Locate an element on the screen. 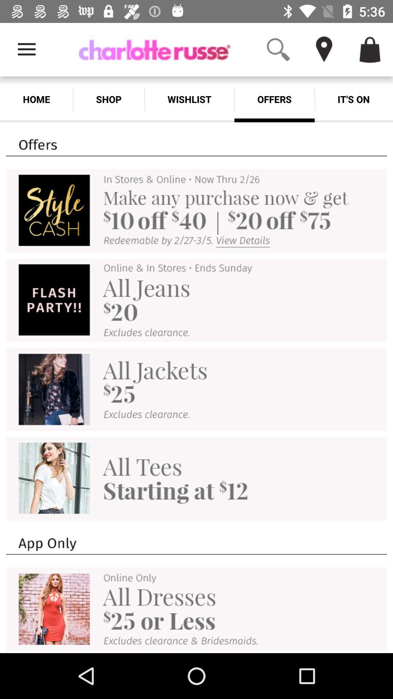 The height and width of the screenshot is (699, 393). the item next to wishlist is located at coordinates (274, 99).